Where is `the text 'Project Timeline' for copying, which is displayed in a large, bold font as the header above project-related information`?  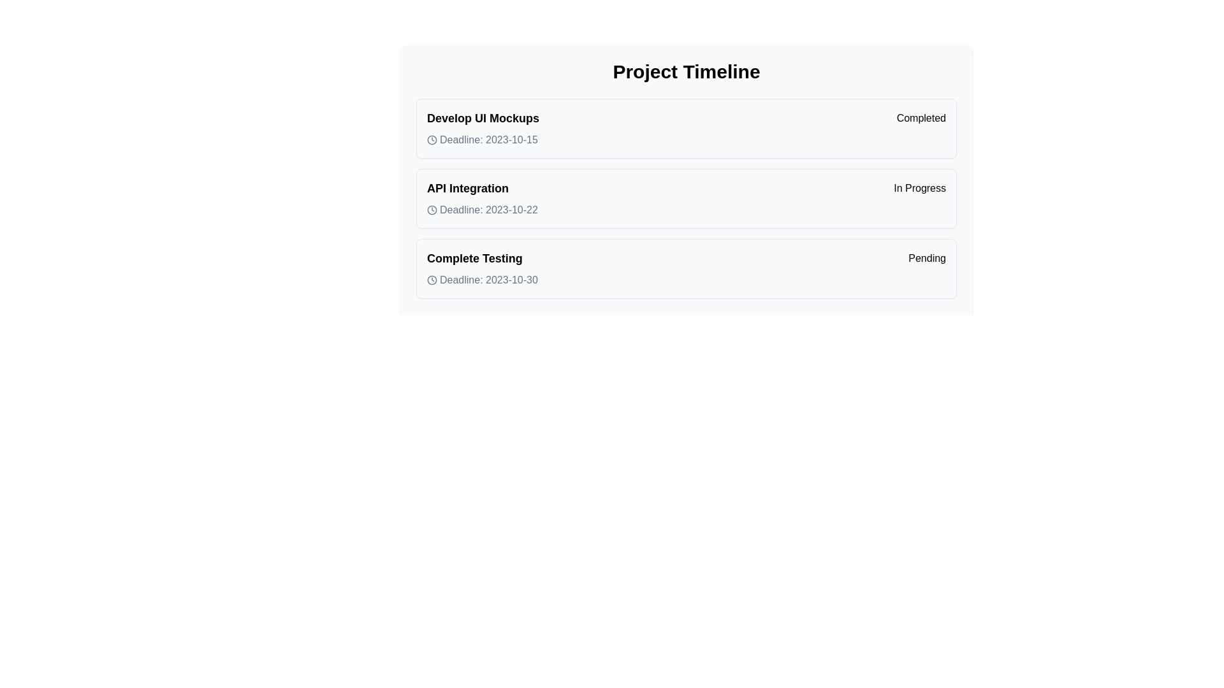
the text 'Project Timeline' for copying, which is displayed in a large, bold font as the header above project-related information is located at coordinates (685, 71).